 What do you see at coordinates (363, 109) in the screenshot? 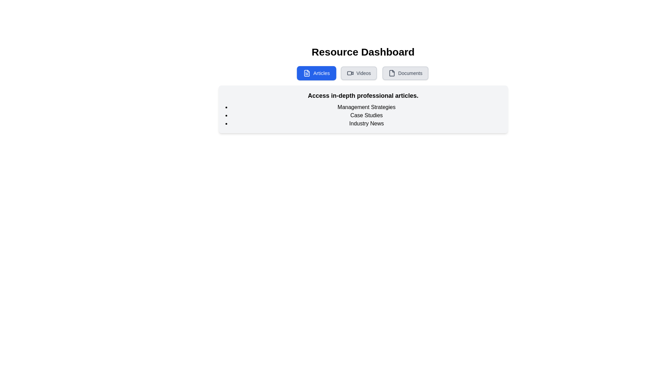
I see `text from the Content display panel that has a light gray background and includes the heading 'Access in-depth professional articles.' followed by a bulleted list of items: 'Management Strategies,' 'Case Studies,' and 'Industry News.'` at bounding box center [363, 109].